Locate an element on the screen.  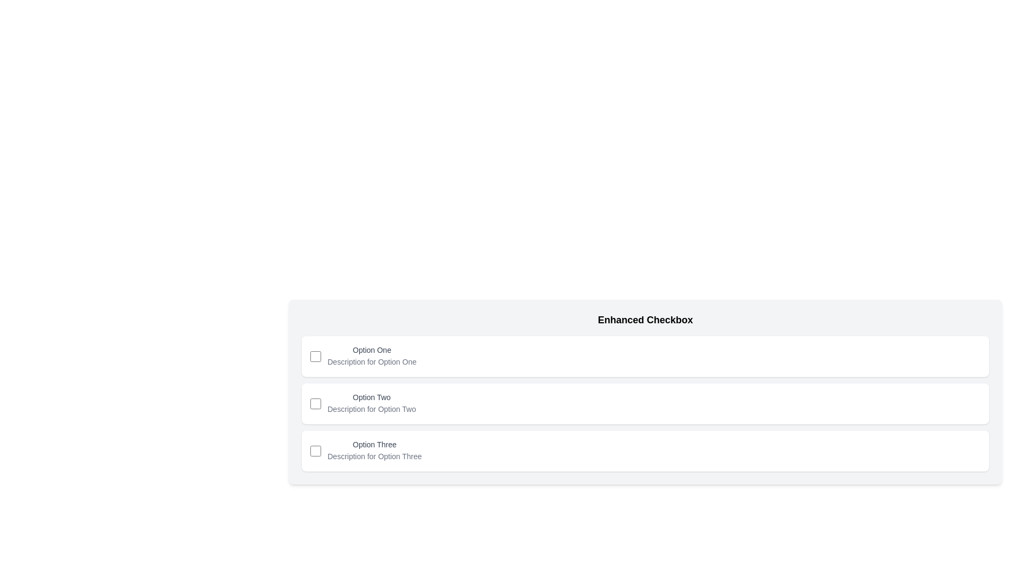
the Text Label with Description that displays 'Option Two' and its description 'Description for Option Two', located in the second row of the list is located at coordinates (372, 404).